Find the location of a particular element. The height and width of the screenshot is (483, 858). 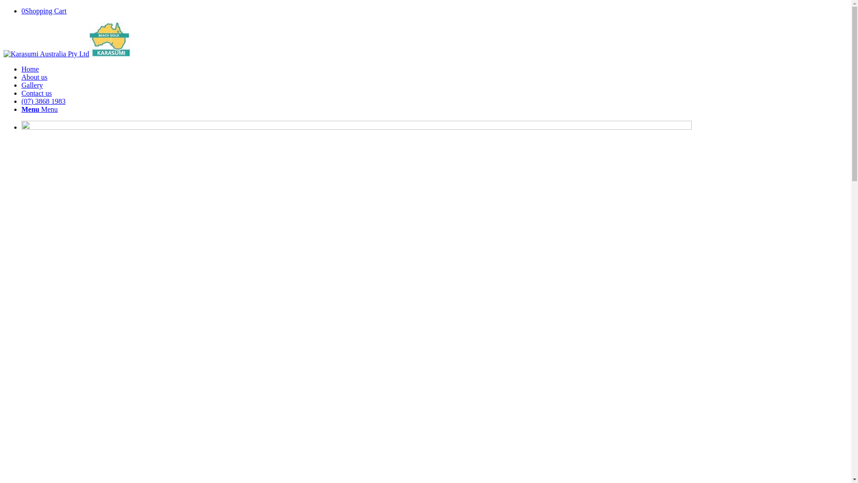

'(07) 3868 1983' is located at coordinates (21, 101).